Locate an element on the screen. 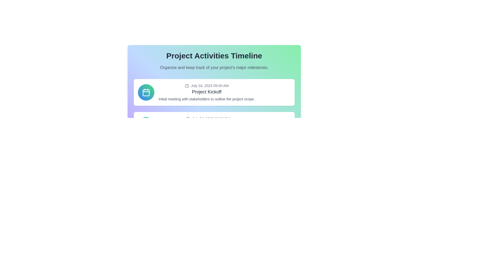 Image resolution: width=495 pixels, height=278 pixels. the interactive elements within the dashboard component that displays project timeline activity details is located at coordinates (214, 78).